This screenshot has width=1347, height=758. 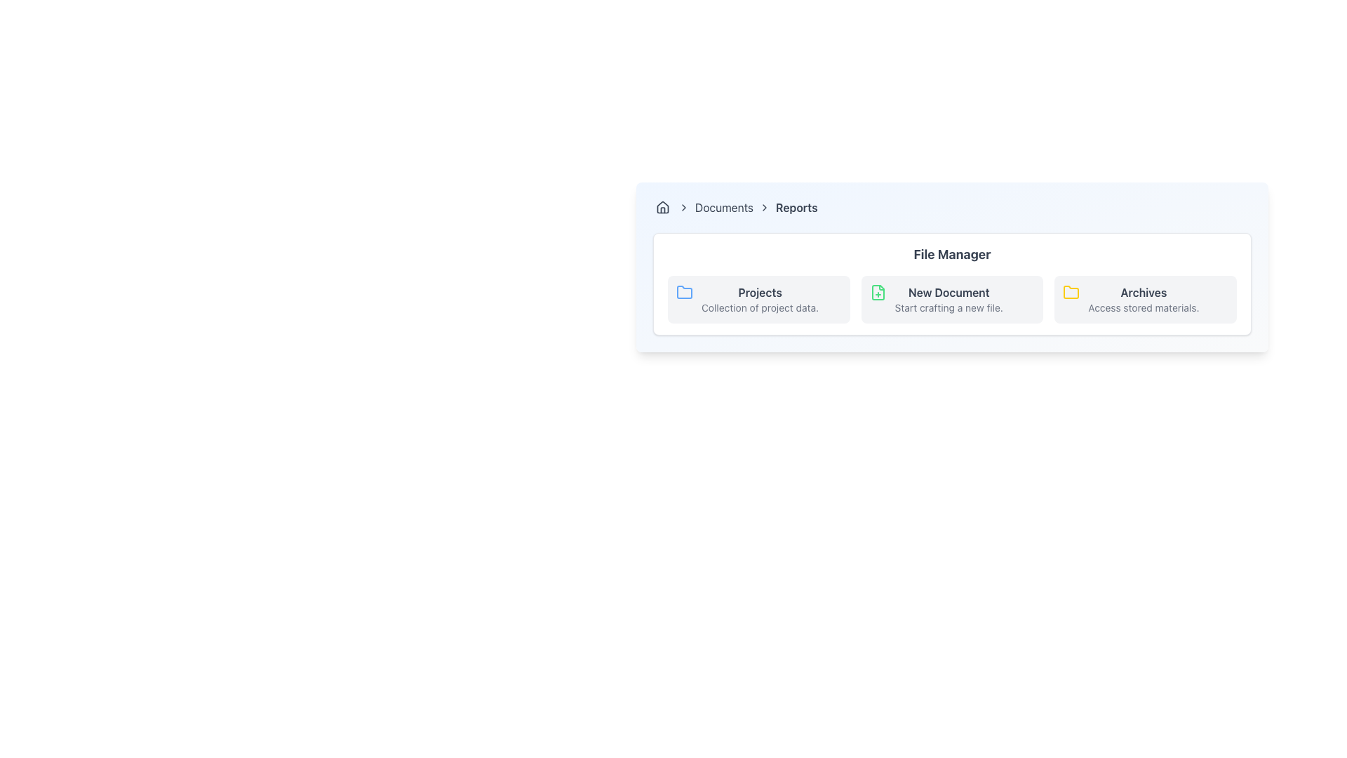 I want to click on the text label reading 'Access stored materials.' which is located beneath the 'Archives' title within the Archives card, so click(x=1144, y=307).